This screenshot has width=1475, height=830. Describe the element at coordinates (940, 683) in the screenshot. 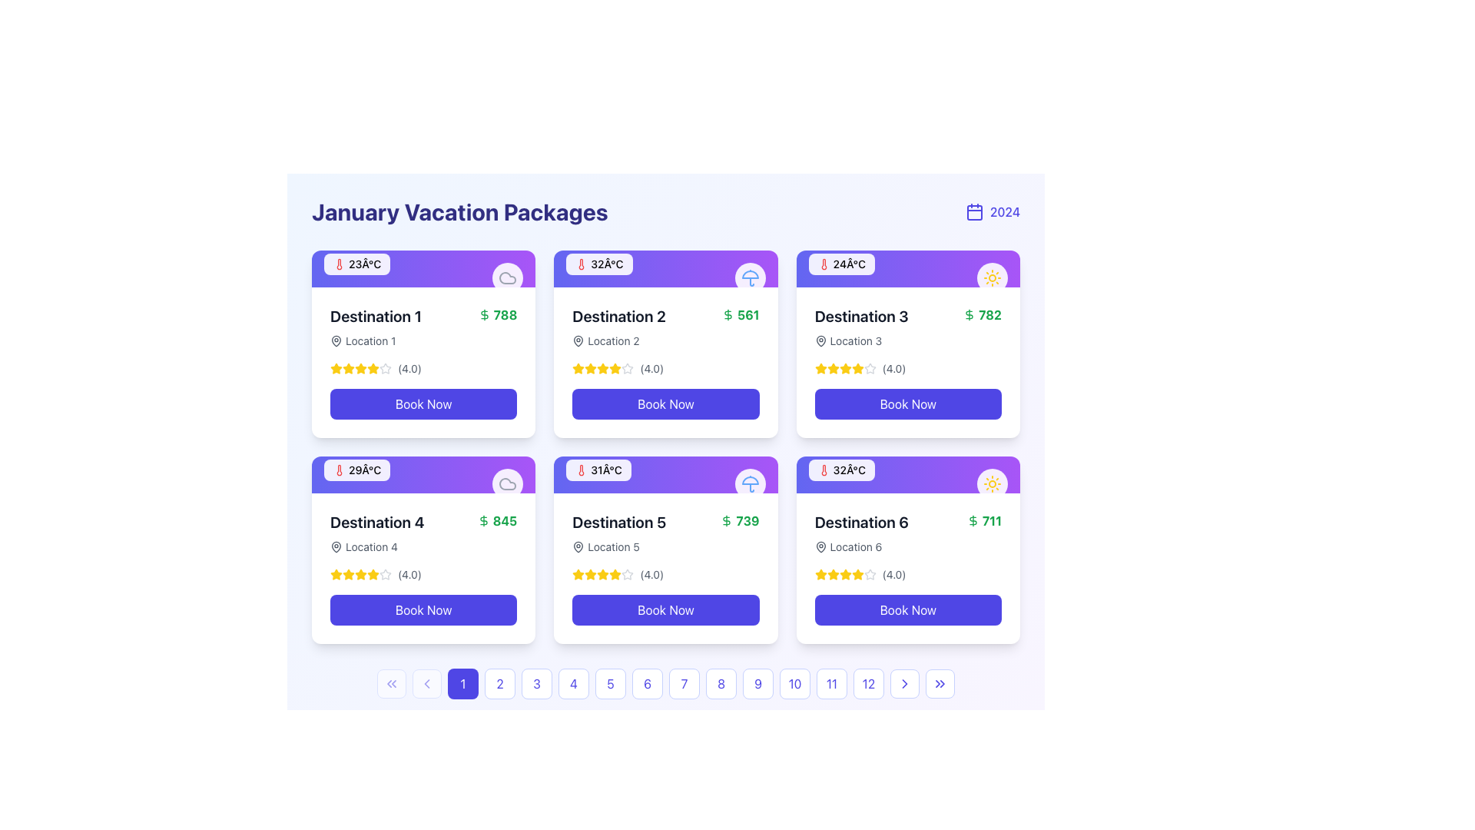

I see `the last icon on the far-right side of the pagination bar` at that location.